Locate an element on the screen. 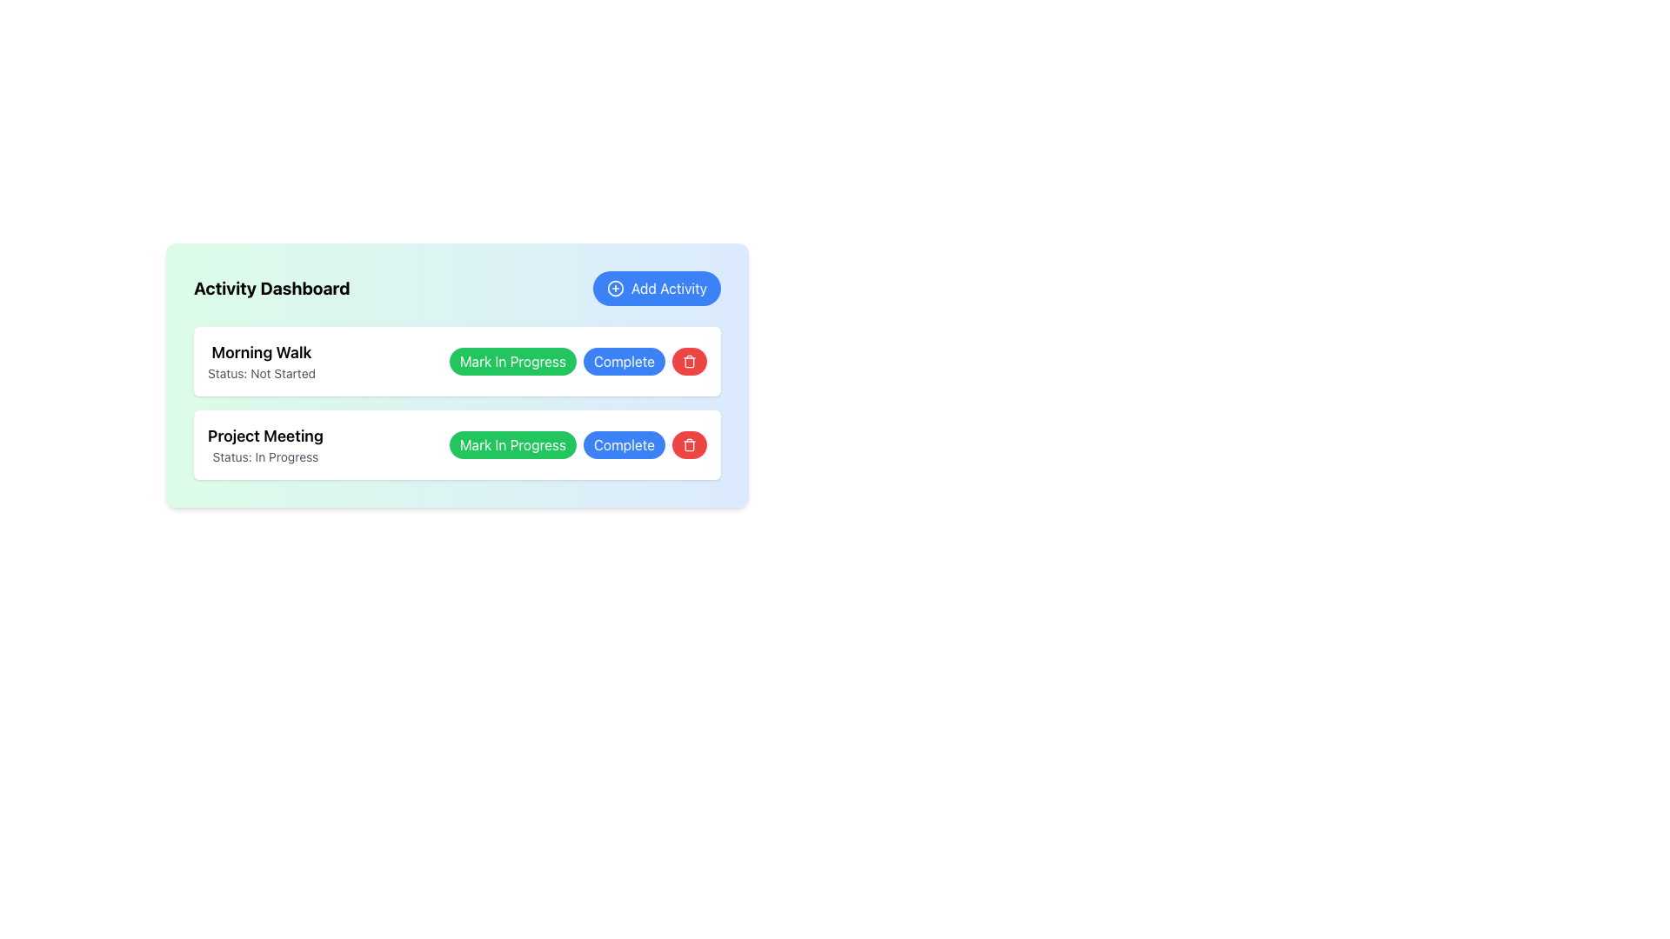  the first actionable button in the horizontal group of three buttons in the Activity Dashboard is located at coordinates (511, 361).